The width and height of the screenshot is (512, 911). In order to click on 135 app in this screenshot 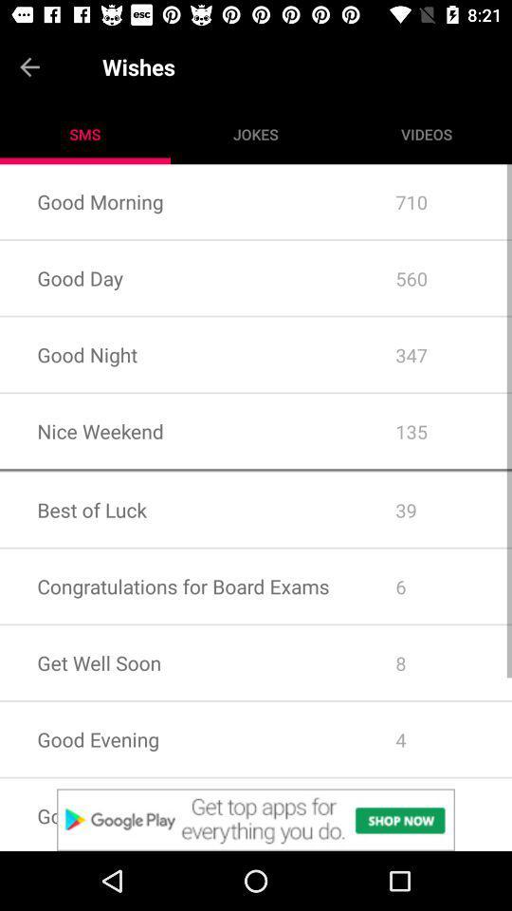, I will do `click(435, 431)`.